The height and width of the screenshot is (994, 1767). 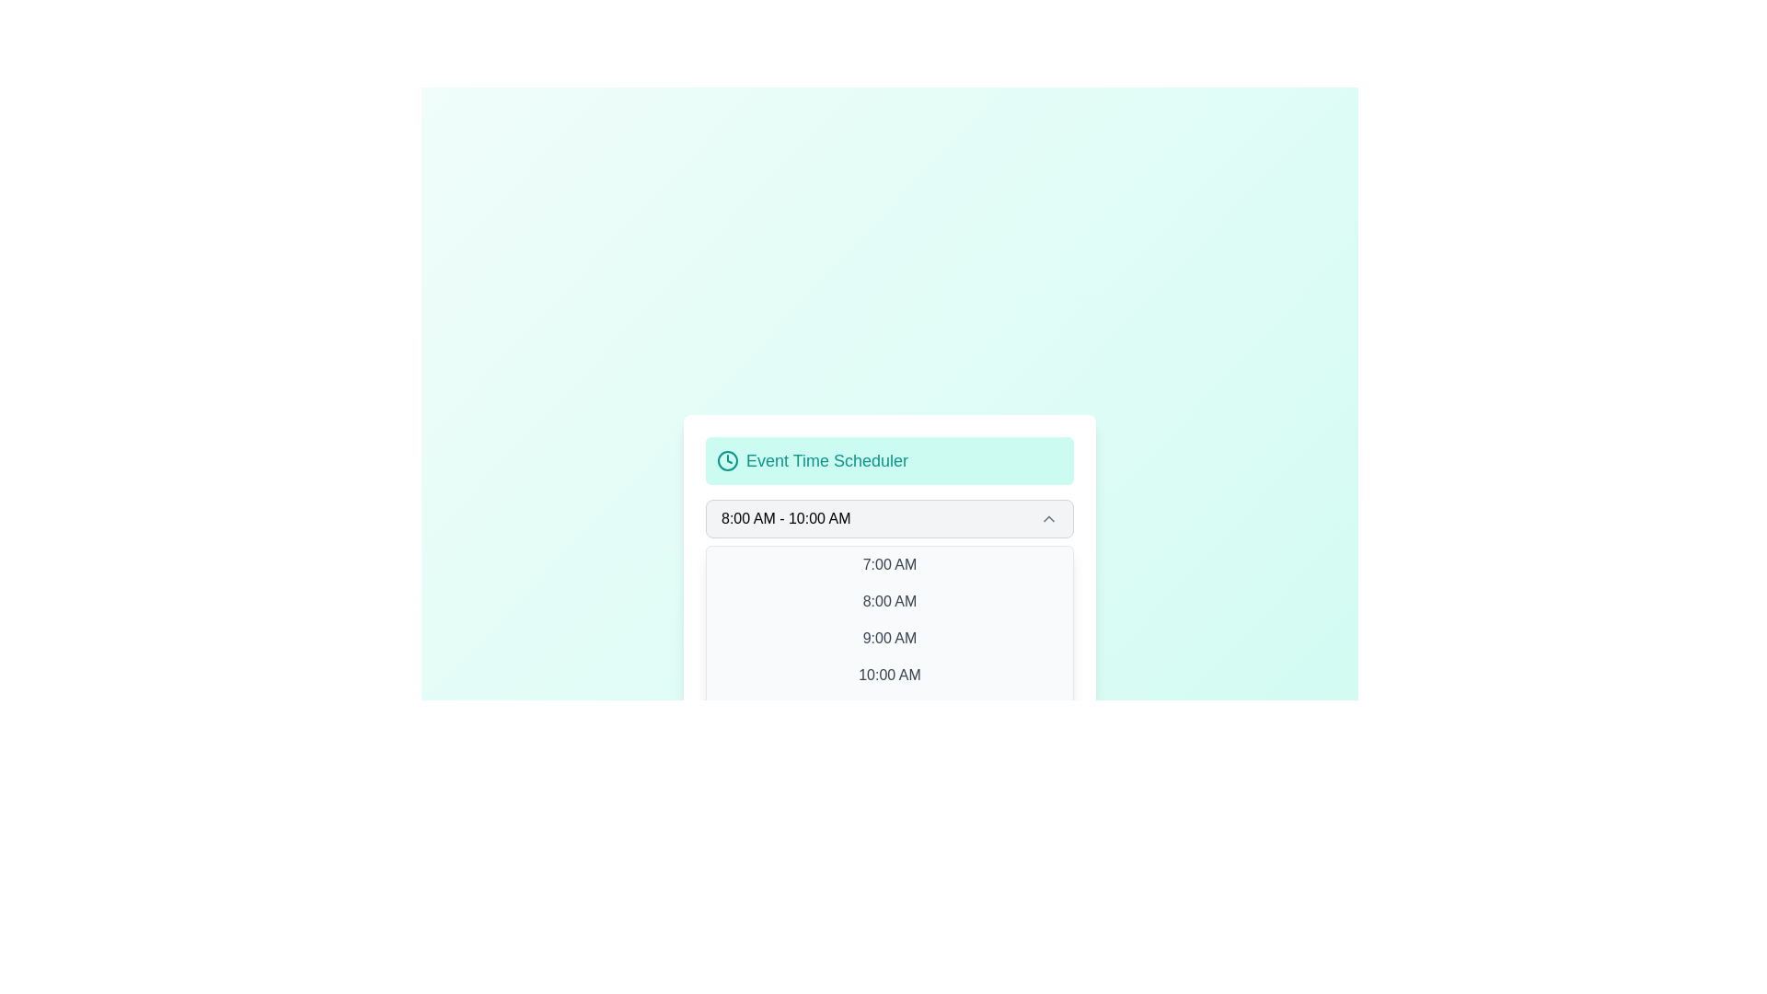 I want to click on the '9:00 AM' option in the dropdown list, so click(x=889, y=638).